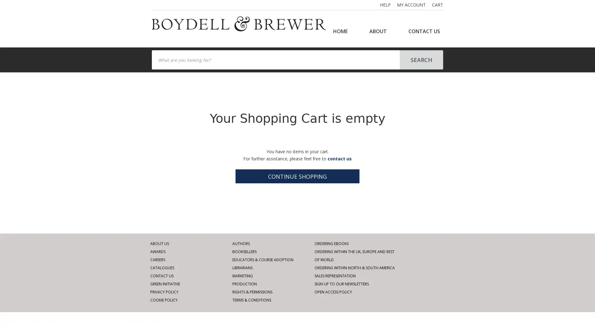  I want to click on SEARCH, so click(421, 60).